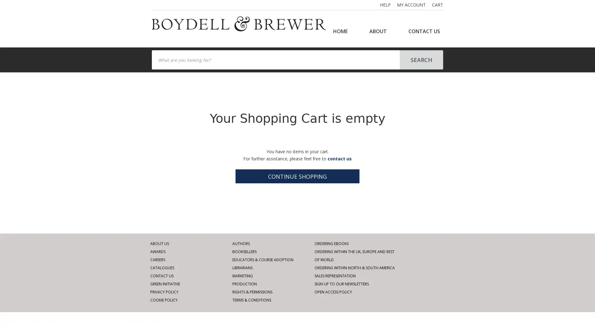  I want to click on SEARCH, so click(421, 60).